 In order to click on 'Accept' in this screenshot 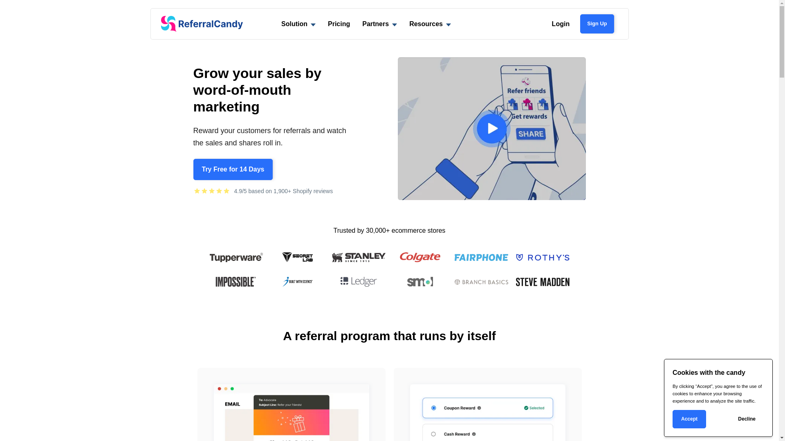, I will do `click(689, 419)`.